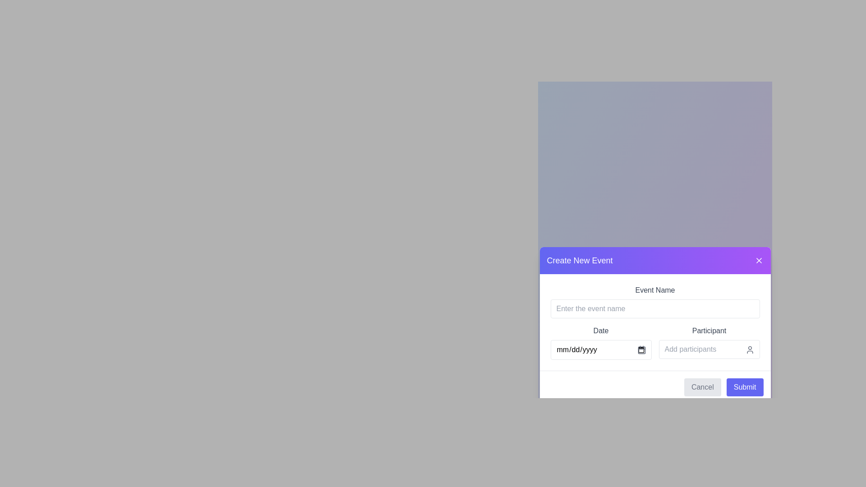  I want to click on a date from the calendar in the modal dialog for creating a new event, which is centered on the page and contains various input fields and buttons, so click(655, 325).